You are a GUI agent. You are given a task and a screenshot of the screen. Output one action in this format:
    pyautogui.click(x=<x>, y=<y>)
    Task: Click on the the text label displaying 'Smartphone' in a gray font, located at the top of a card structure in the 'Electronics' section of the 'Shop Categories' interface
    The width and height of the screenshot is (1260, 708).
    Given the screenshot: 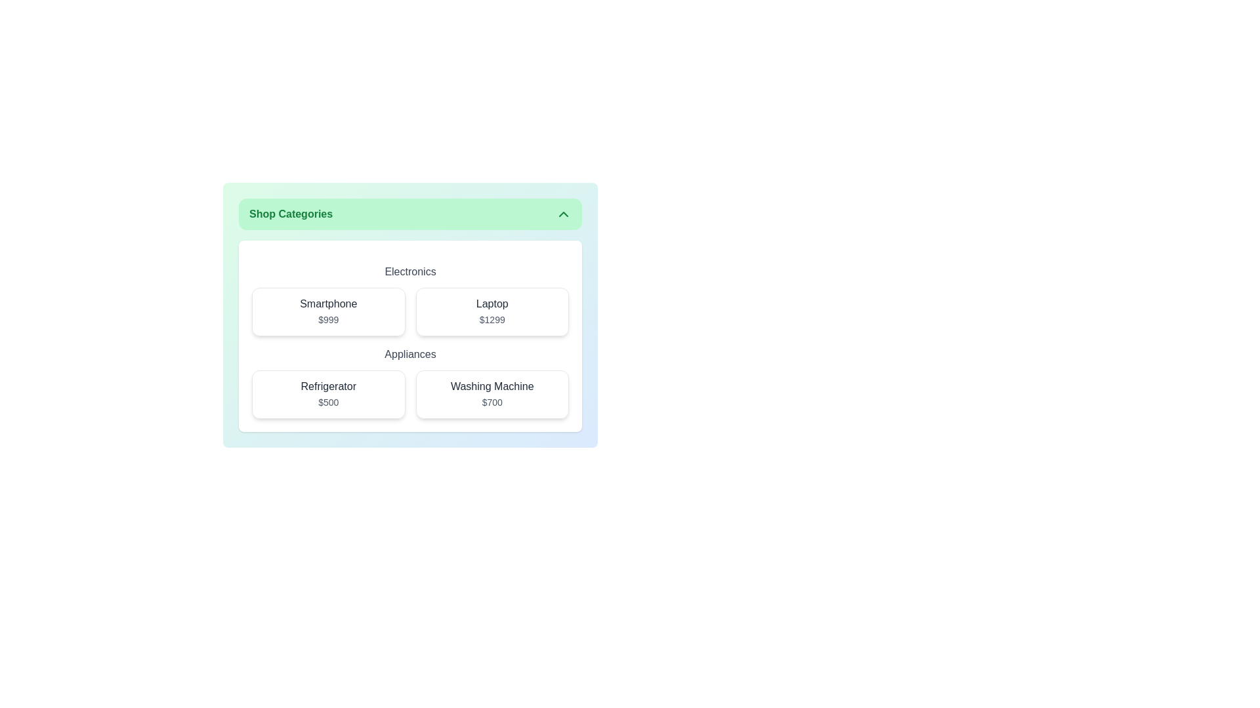 What is the action you would take?
    pyautogui.click(x=328, y=304)
    